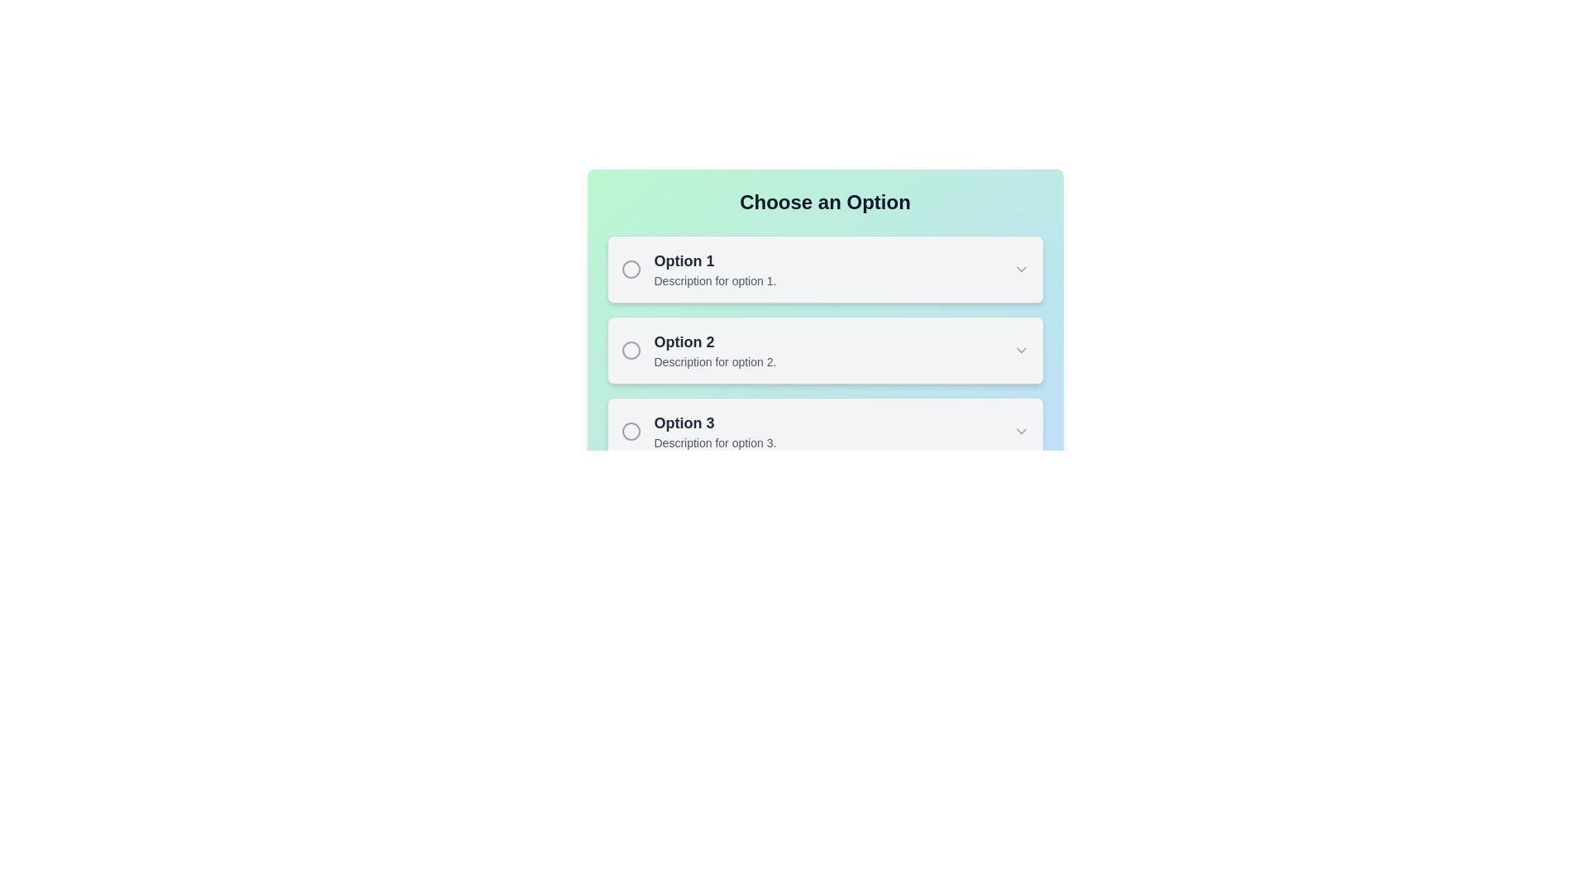 The image size is (1587, 893). I want to click on the heading element displaying 'Choose an Option', which is bold and large, positioned at the top of a card-like structure with a gradient background, so click(825, 202).